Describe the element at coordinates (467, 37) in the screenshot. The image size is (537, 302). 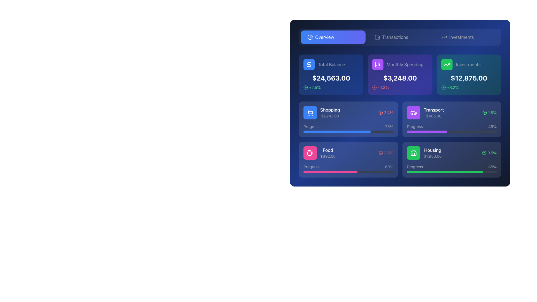
I see `the 'Investments' button, which is the third button in a row of three, styled with gray text and an upward trending line icon` at that location.